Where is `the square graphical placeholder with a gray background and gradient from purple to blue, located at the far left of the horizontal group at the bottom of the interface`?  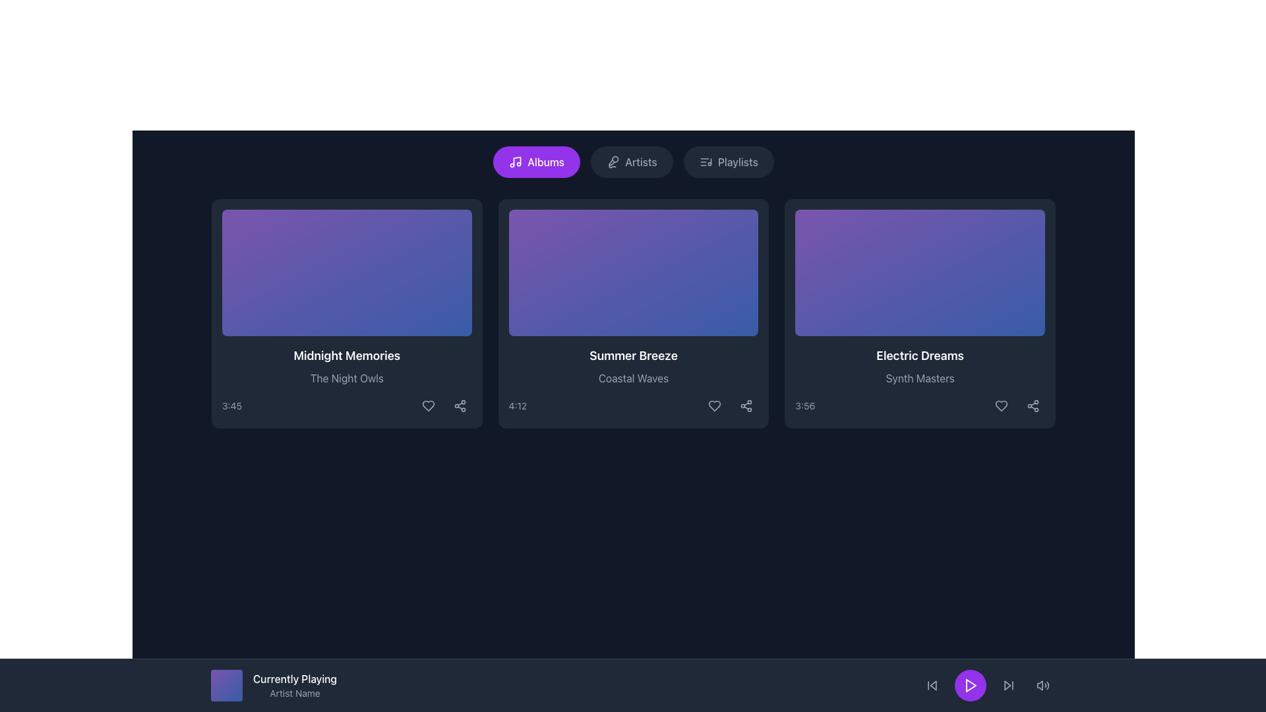 the square graphical placeholder with a gray background and gradient from purple to blue, located at the far left of the horizontal group at the bottom of the interface is located at coordinates (227, 685).